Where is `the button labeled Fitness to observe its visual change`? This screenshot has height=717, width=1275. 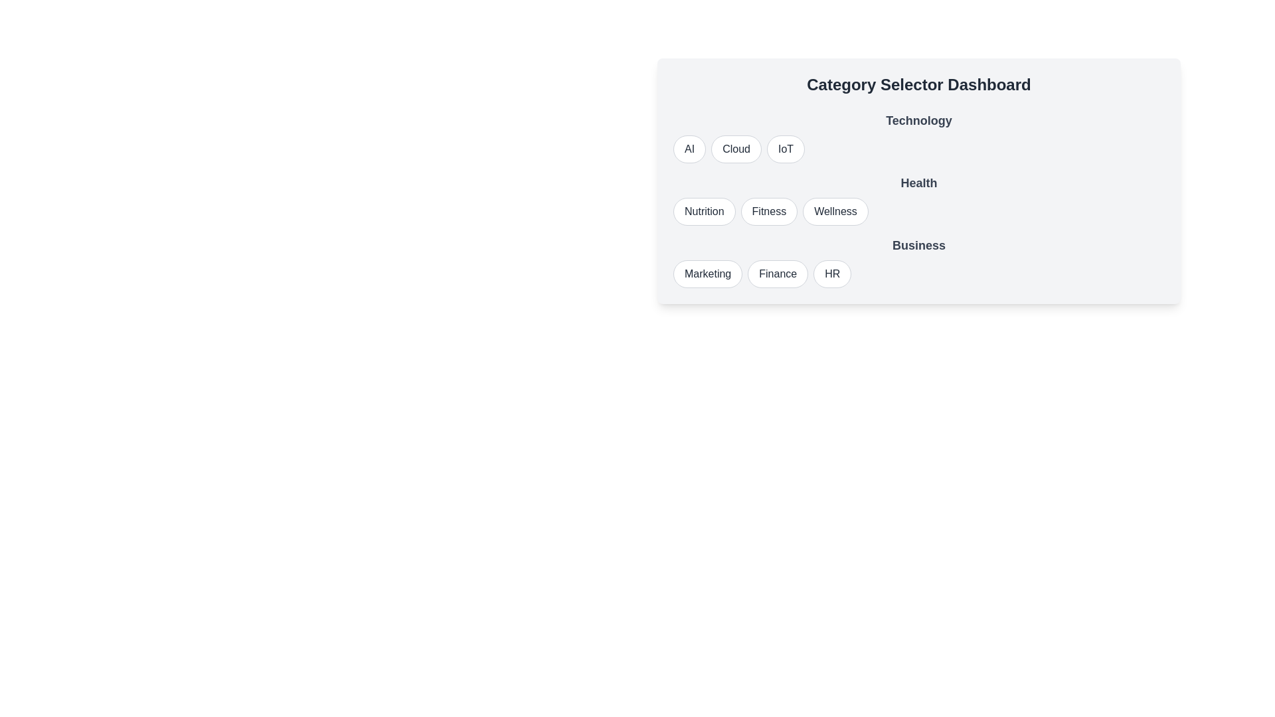
the button labeled Fitness to observe its visual change is located at coordinates (768, 211).